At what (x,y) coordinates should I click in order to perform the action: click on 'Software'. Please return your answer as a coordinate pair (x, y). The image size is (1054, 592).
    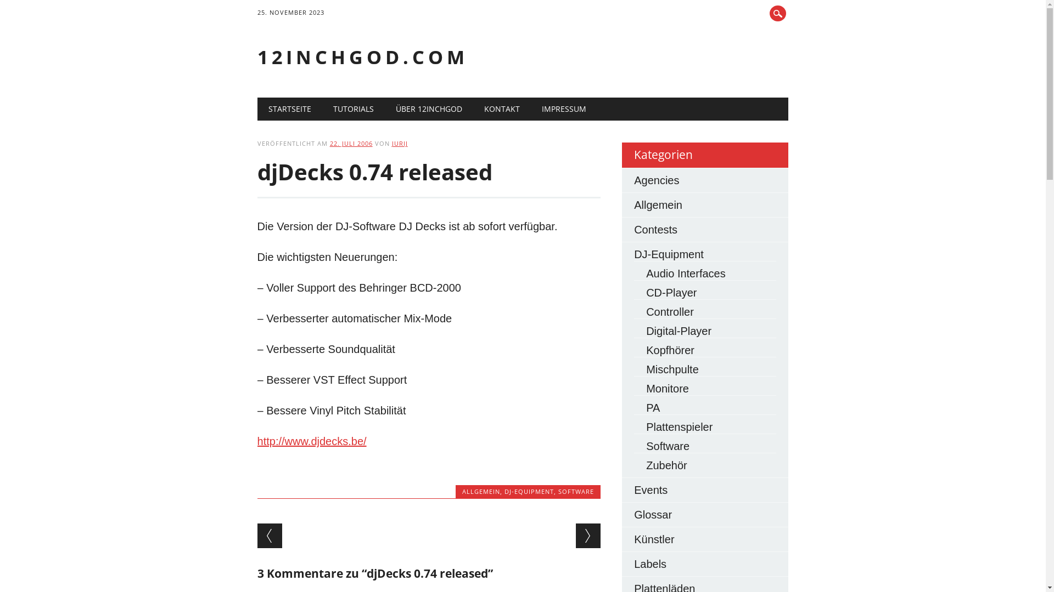
    Looking at the image, I should click on (667, 446).